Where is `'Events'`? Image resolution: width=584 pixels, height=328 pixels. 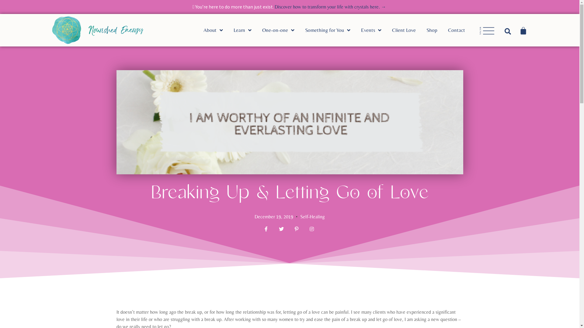
'Events' is located at coordinates (376, 30).